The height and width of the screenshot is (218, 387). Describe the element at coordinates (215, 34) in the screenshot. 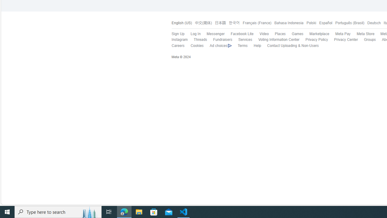

I see `'Messenger'` at that location.